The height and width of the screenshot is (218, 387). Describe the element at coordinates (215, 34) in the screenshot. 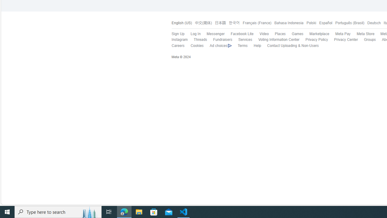

I see `'Messenger'` at that location.